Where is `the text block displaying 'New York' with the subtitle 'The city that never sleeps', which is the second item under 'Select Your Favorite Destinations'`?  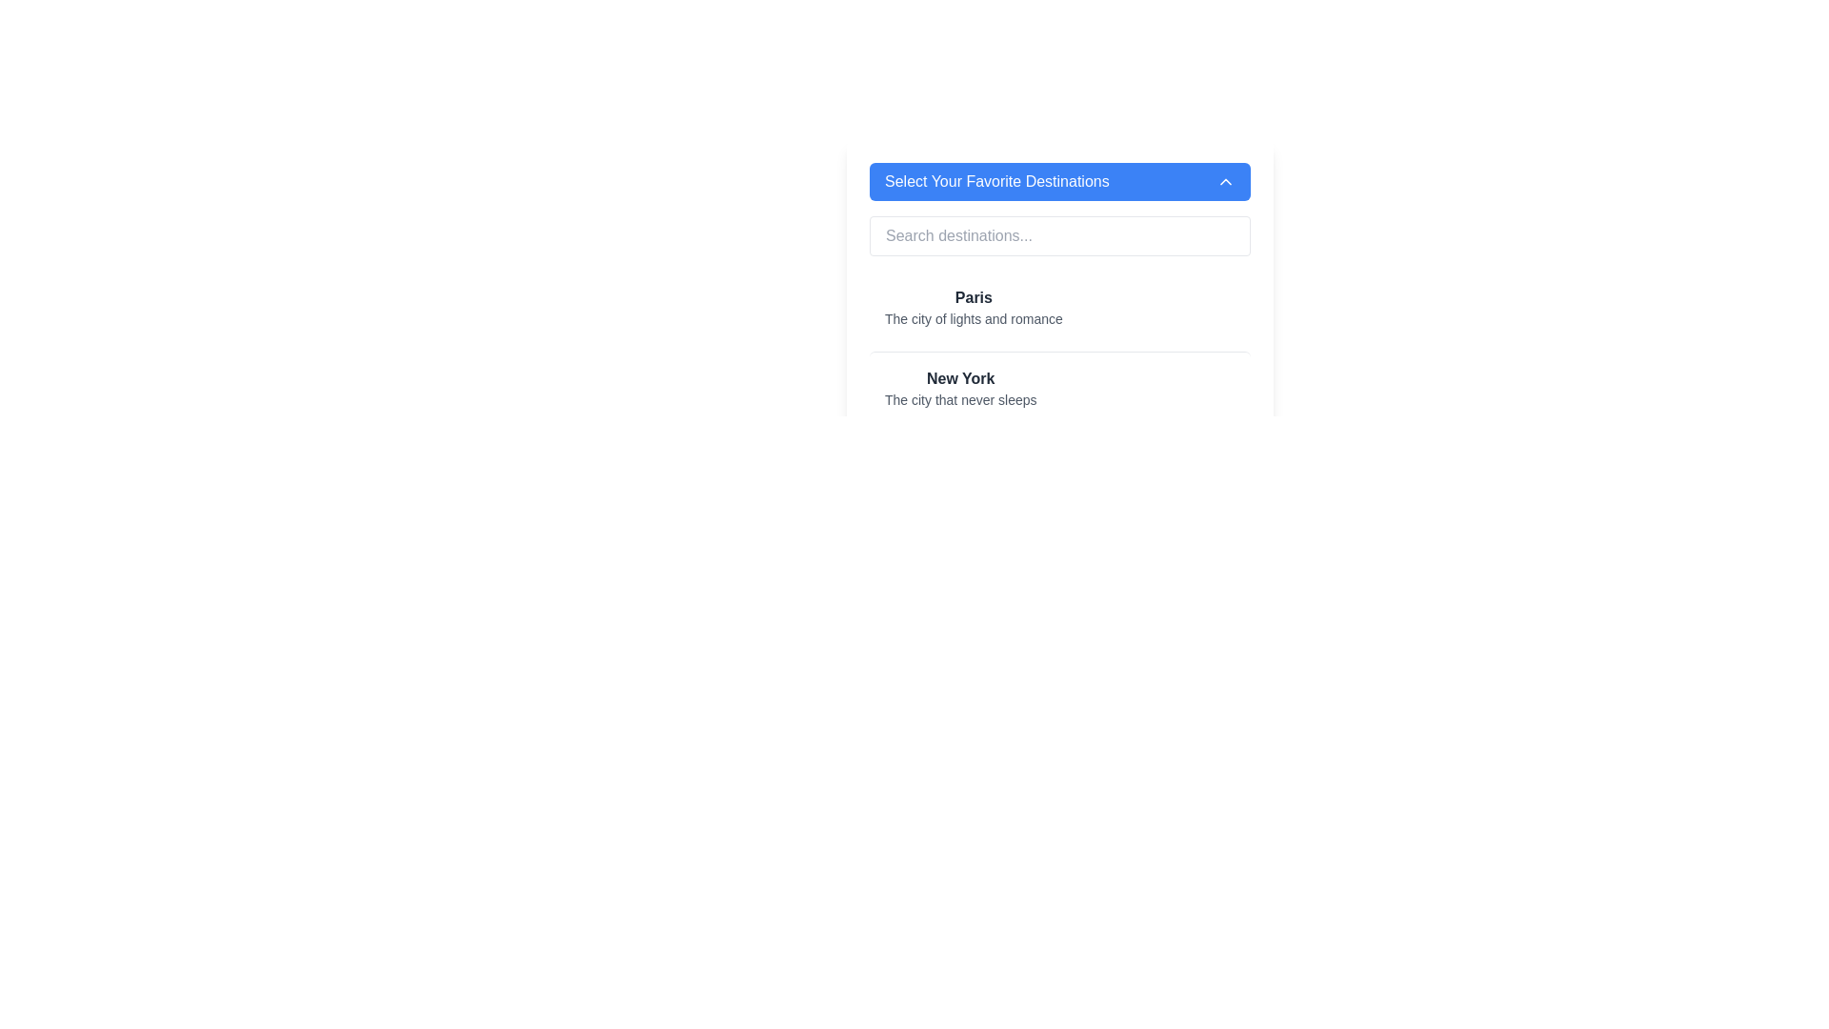 the text block displaying 'New York' with the subtitle 'The city that never sleeps', which is the second item under 'Select Your Favorite Destinations' is located at coordinates (960, 388).